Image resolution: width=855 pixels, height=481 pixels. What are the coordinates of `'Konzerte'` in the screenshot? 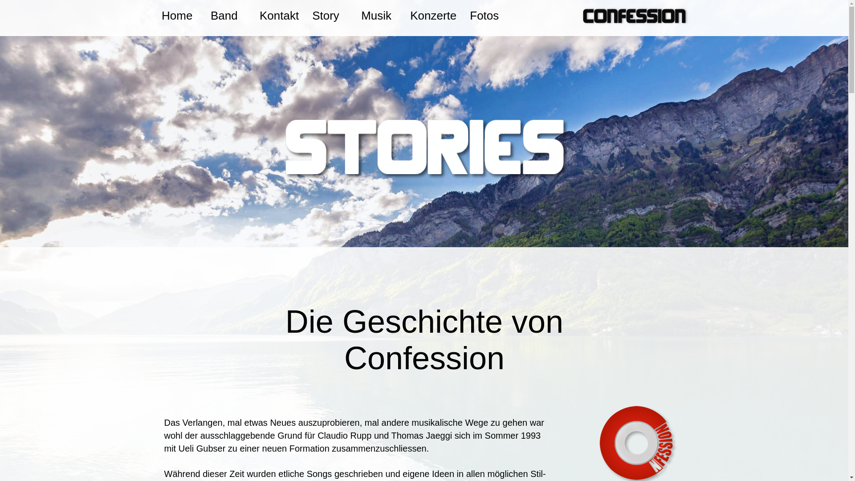 It's located at (433, 15).